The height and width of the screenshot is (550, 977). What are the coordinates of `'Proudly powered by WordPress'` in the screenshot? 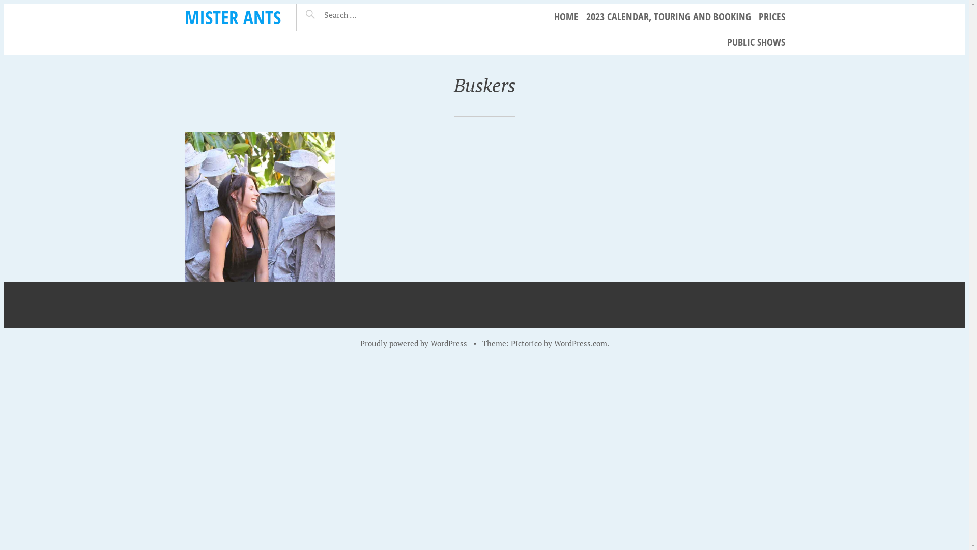 It's located at (360, 343).